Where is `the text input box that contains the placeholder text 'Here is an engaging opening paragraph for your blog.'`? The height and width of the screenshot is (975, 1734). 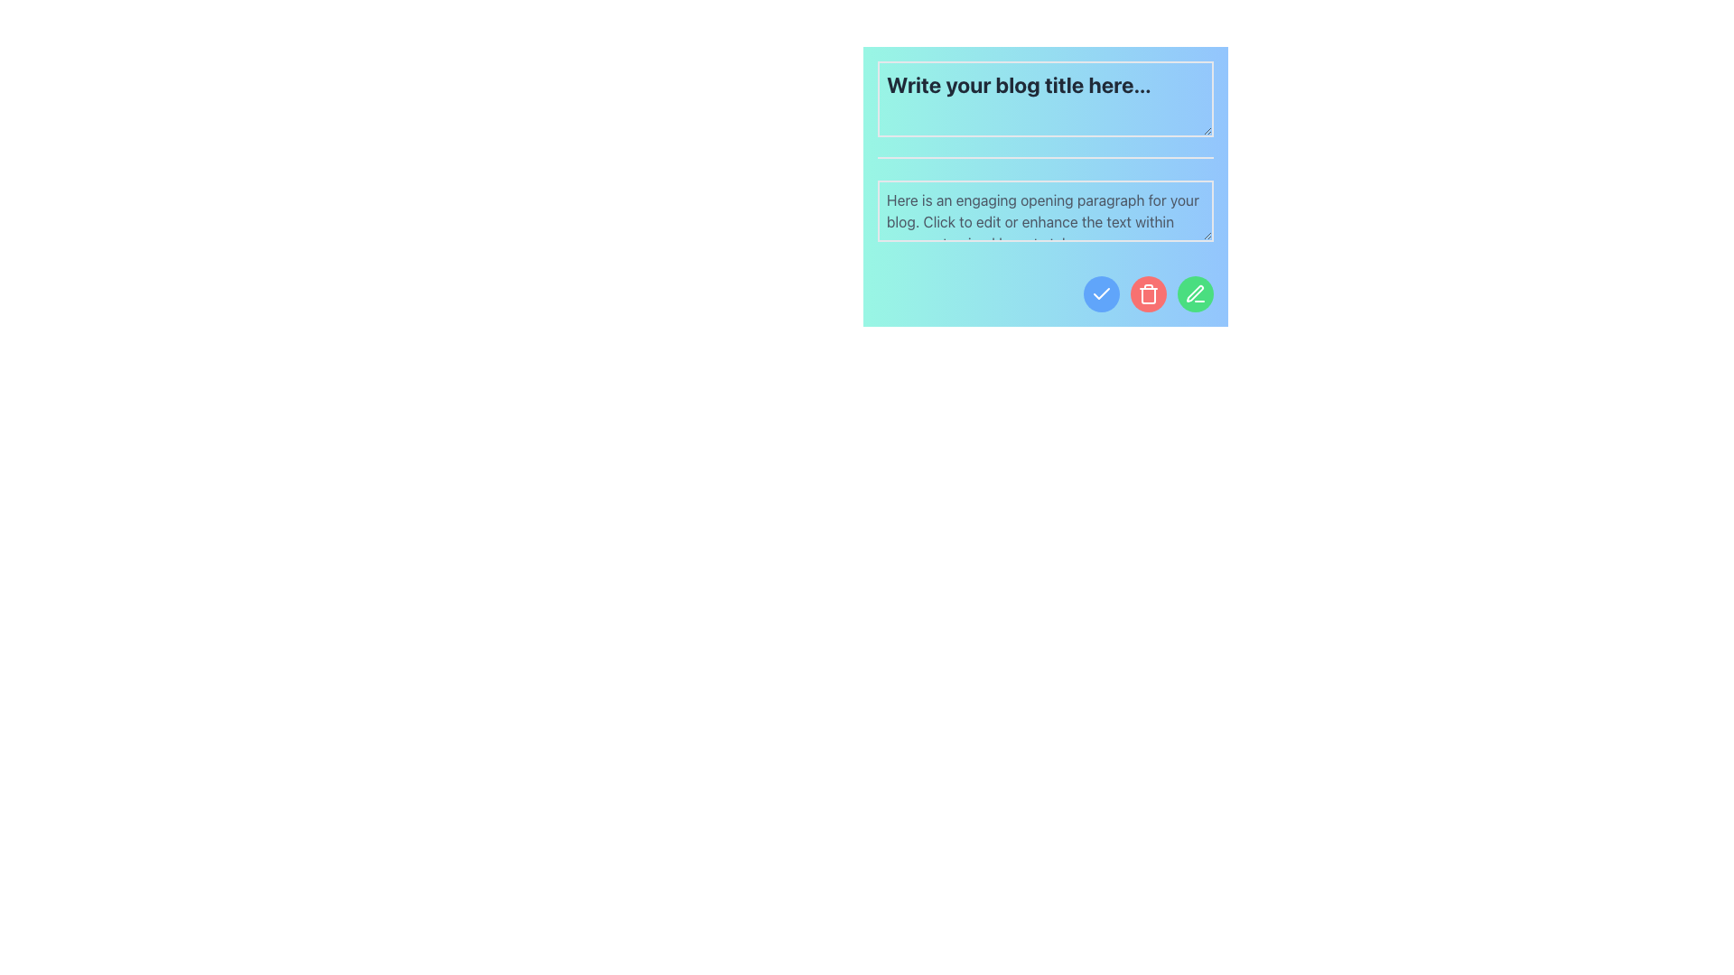
the text input box that contains the placeholder text 'Here is an engaging opening paragraph for your blog.' is located at coordinates (1045, 187).